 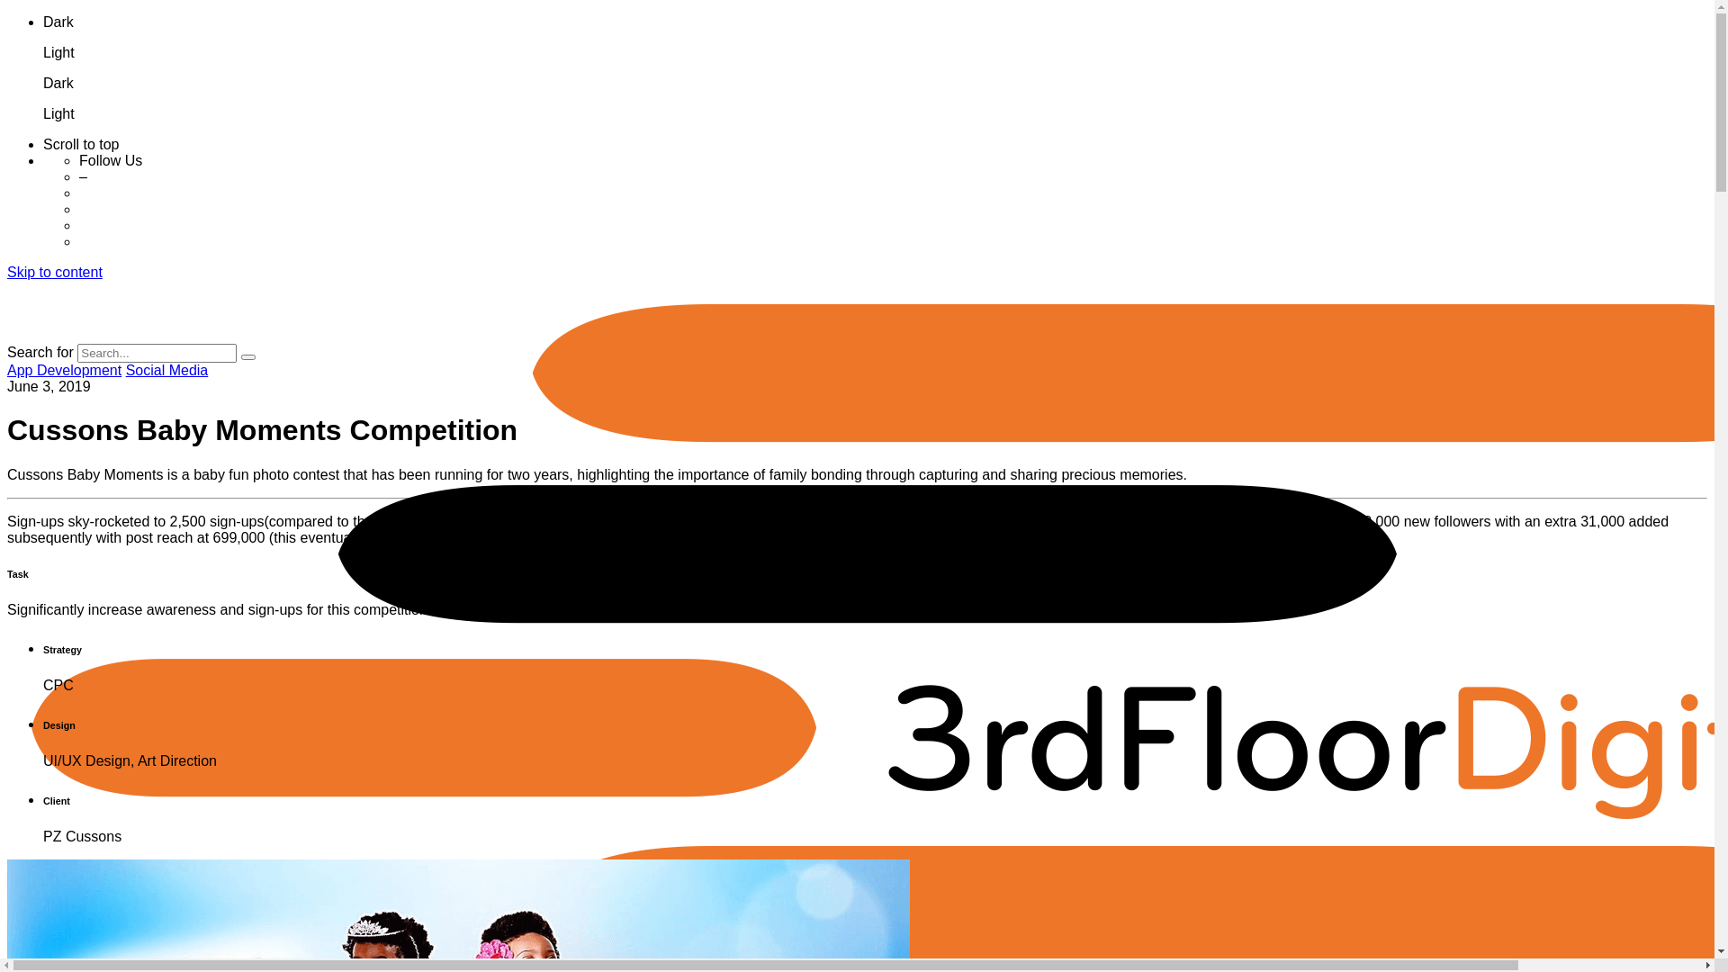 I want to click on 'Skip to content', so click(x=55, y=272).